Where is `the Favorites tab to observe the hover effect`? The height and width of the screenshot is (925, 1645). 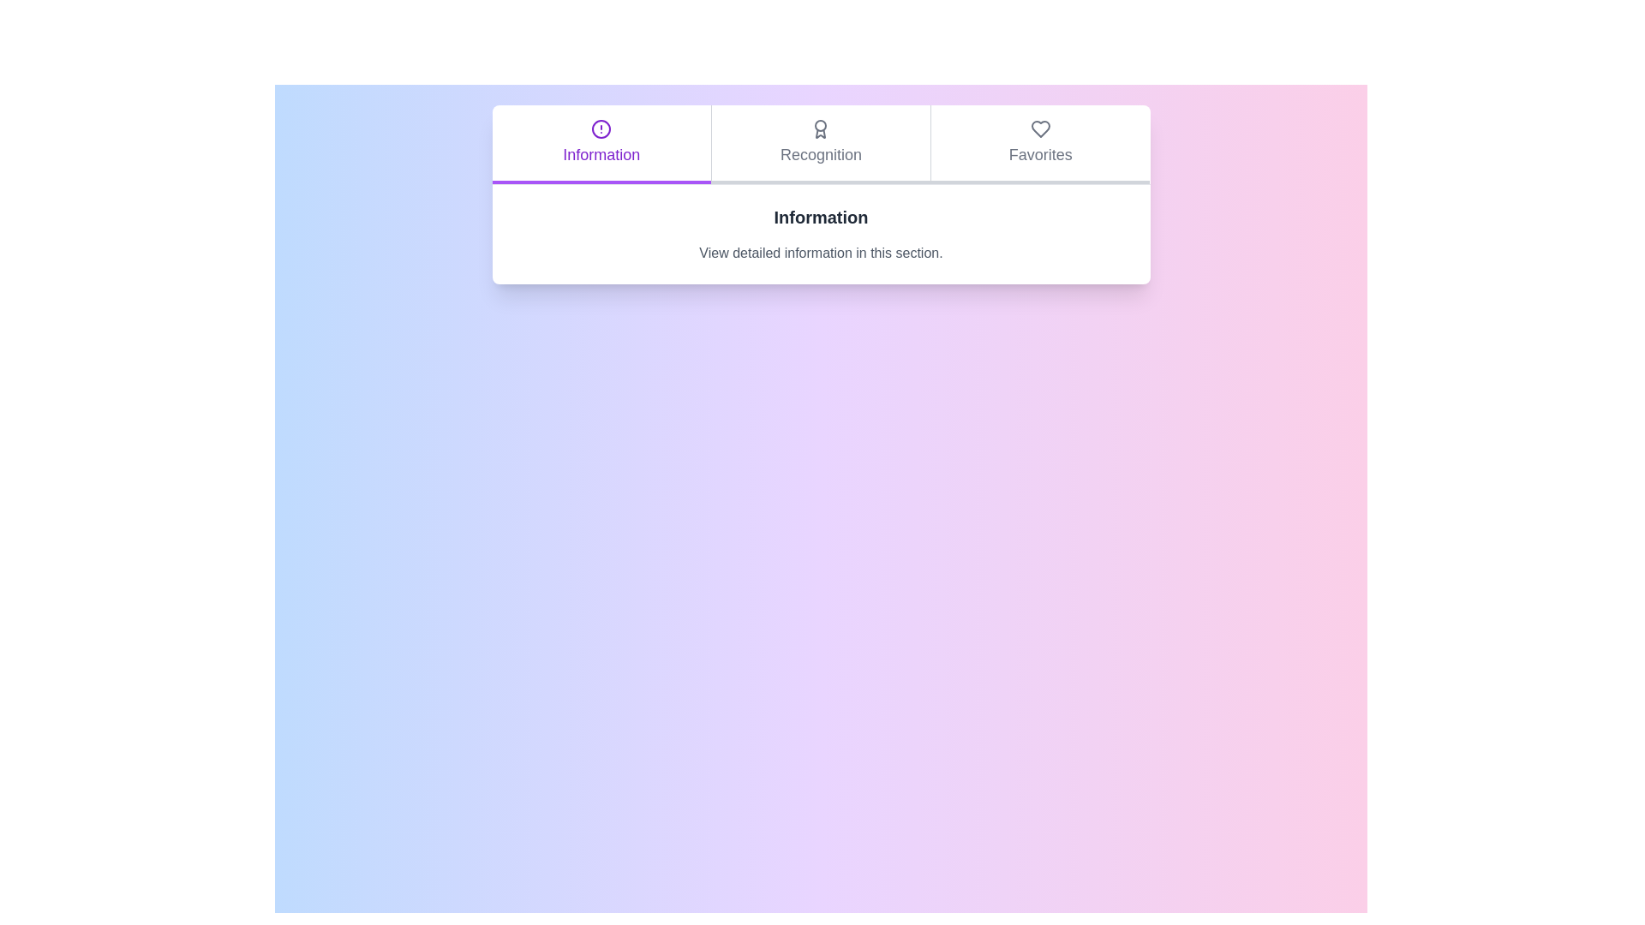
the Favorites tab to observe the hover effect is located at coordinates (1039, 144).